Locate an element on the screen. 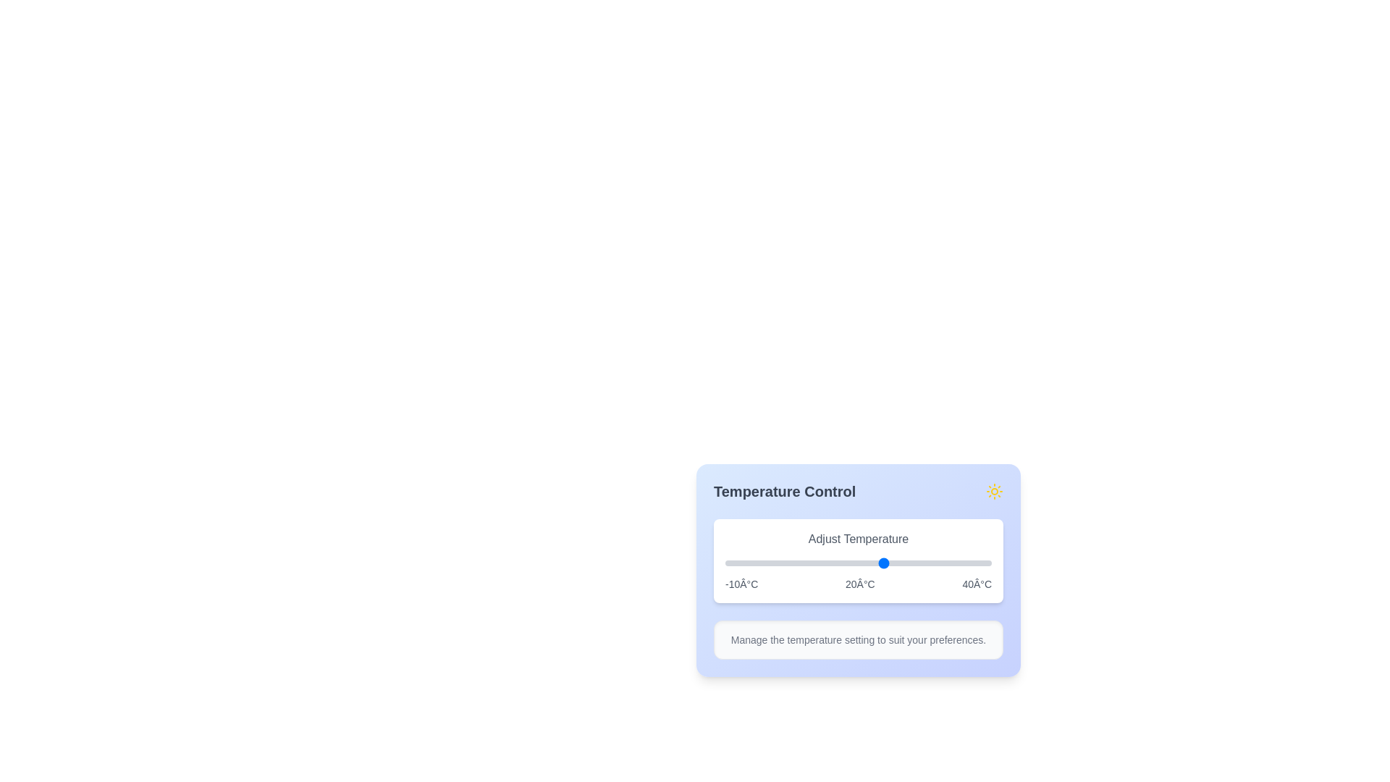 This screenshot has width=1390, height=782. the slider to set the temperature to 10°C is located at coordinates (832, 563).